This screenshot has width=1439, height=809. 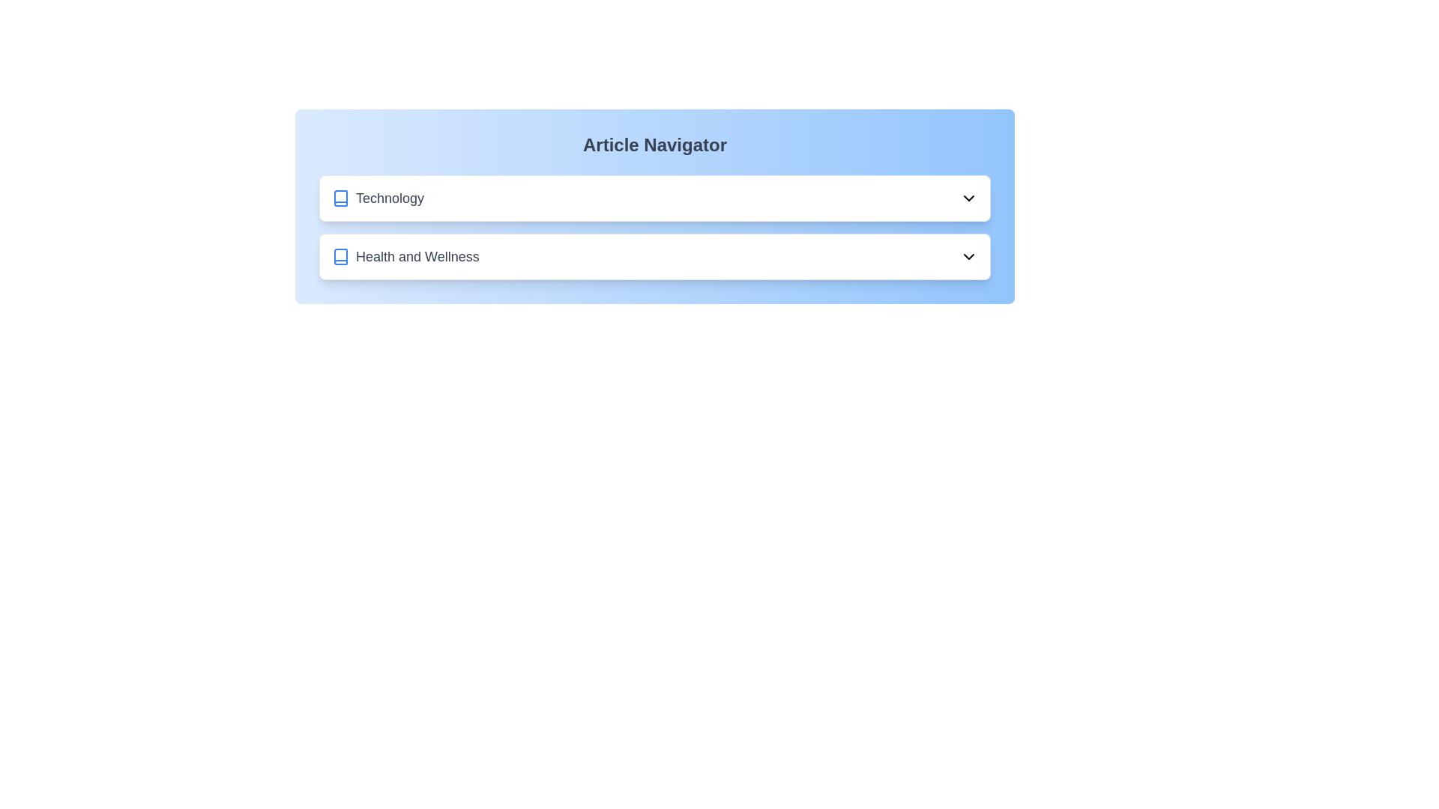 What do you see at coordinates (968, 198) in the screenshot?
I see `the chevron-down icon, which is a black triangular outline located at the far right of the 'Technology' section in the 'Article Navigator' interface` at bounding box center [968, 198].